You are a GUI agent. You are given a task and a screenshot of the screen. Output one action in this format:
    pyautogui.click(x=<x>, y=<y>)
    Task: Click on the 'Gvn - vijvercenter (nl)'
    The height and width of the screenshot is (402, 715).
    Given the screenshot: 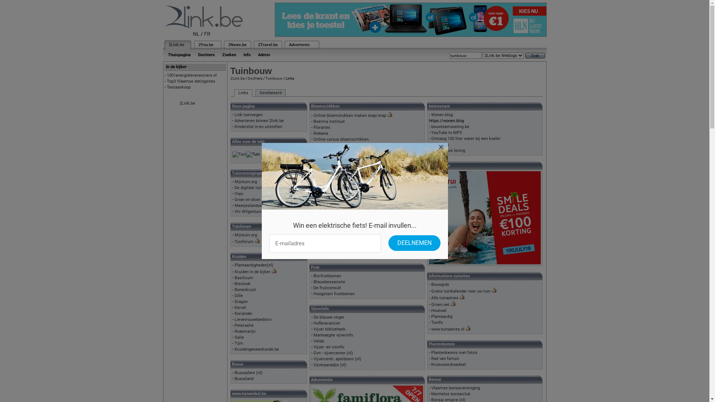 What is the action you would take?
    pyautogui.click(x=333, y=352)
    